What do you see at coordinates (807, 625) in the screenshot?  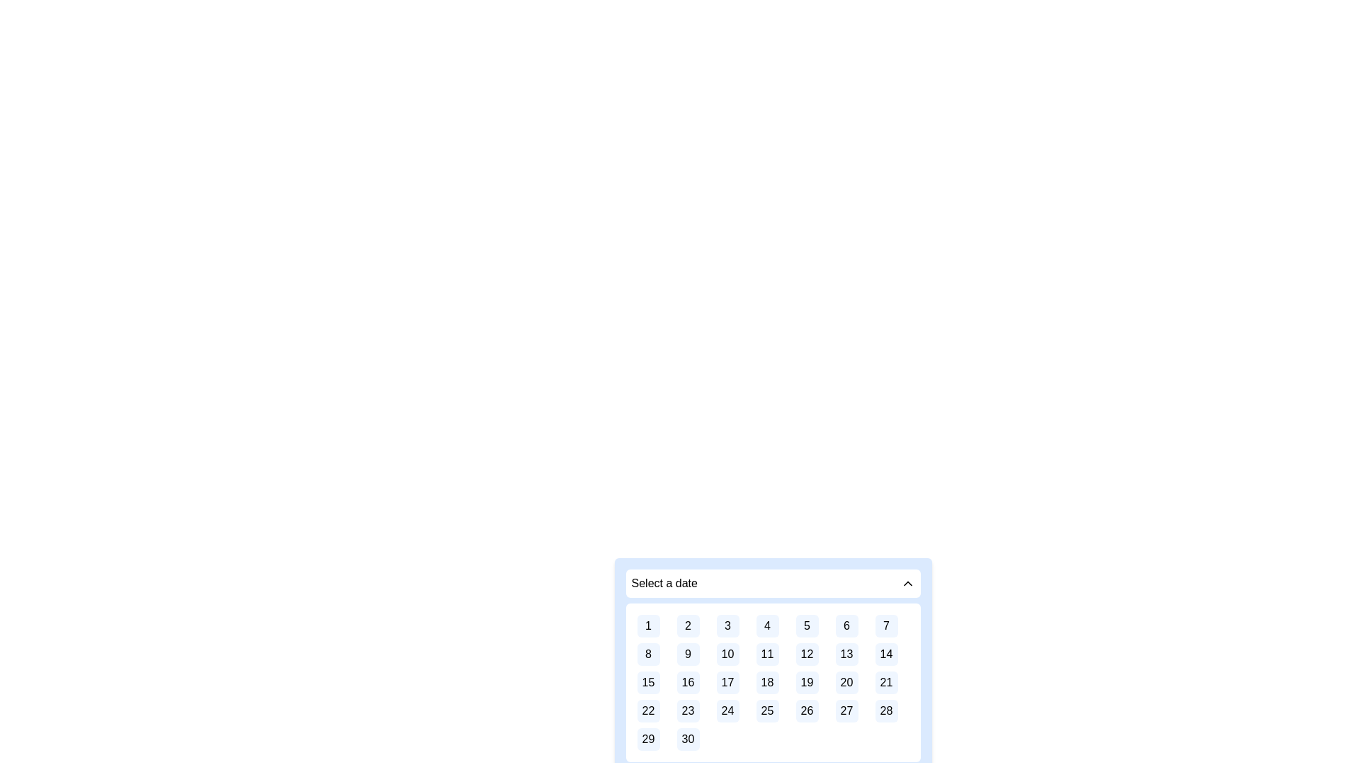 I see `the square button with the number '5' in black text on a blue background, located in the first row and fifth column of the grid layout` at bounding box center [807, 625].